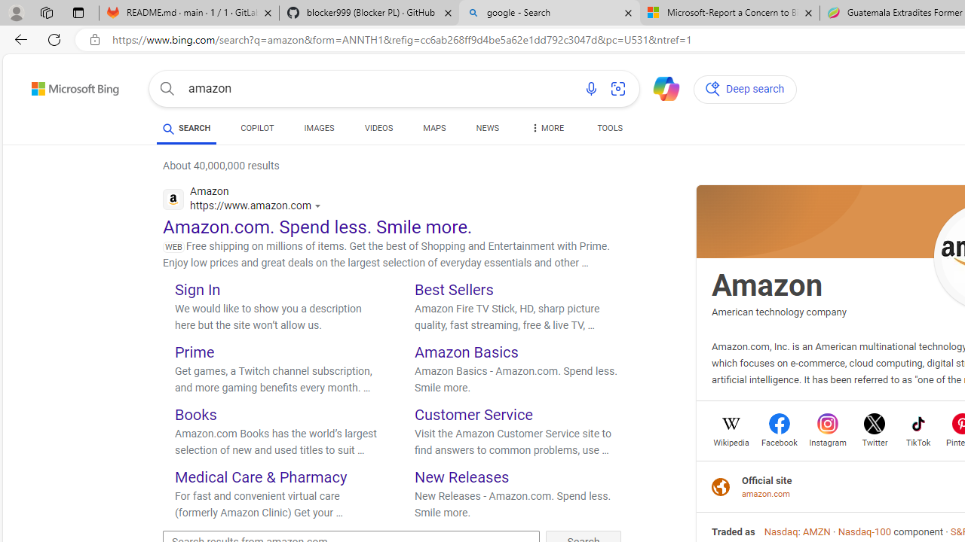 The height and width of the screenshot is (542, 965). I want to click on 'Prime', so click(194, 352).